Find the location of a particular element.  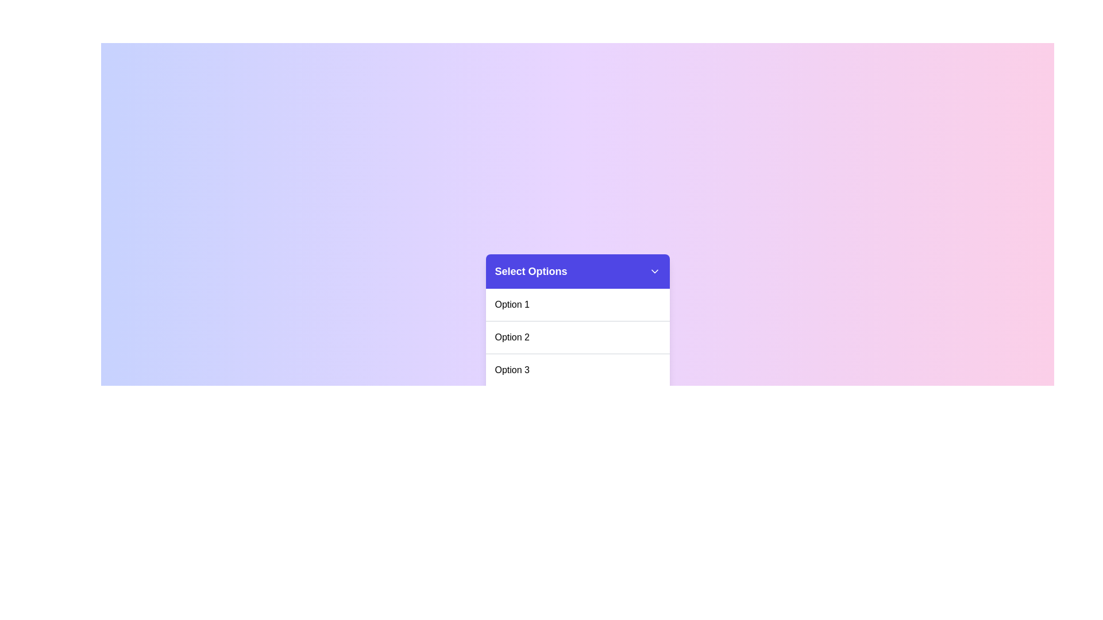

the graphical icon indicating expandability next to the 'Select Options' label is located at coordinates (654, 272).